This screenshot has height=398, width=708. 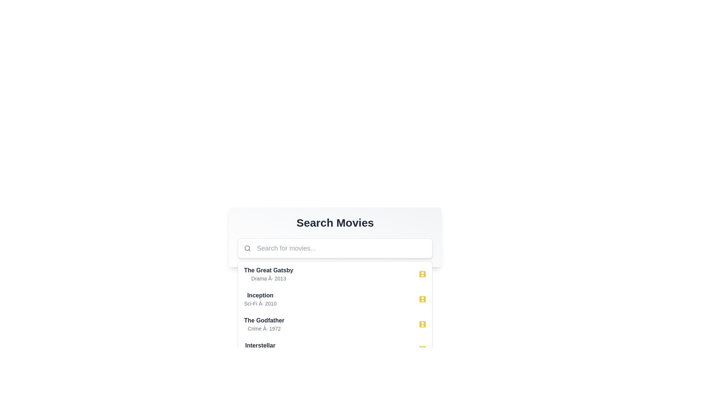 I want to click on the first movie option 'The Great Gatsby' in the dropdown list, so click(x=334, y=274).